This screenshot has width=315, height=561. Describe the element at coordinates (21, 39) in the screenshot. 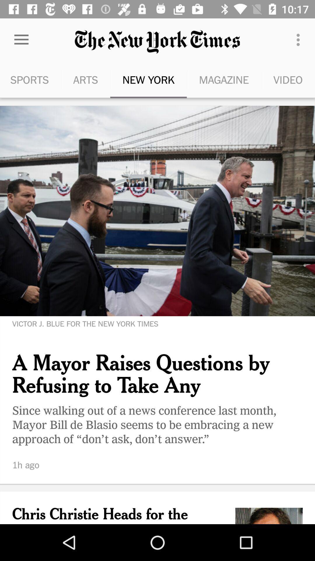

I see `item to the left of the arts` at that location.